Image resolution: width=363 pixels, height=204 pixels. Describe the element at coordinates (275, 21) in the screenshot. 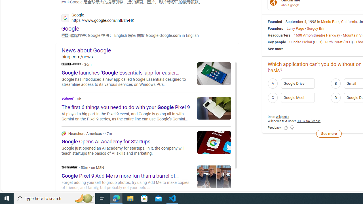

I see `'Founded'` at that location.